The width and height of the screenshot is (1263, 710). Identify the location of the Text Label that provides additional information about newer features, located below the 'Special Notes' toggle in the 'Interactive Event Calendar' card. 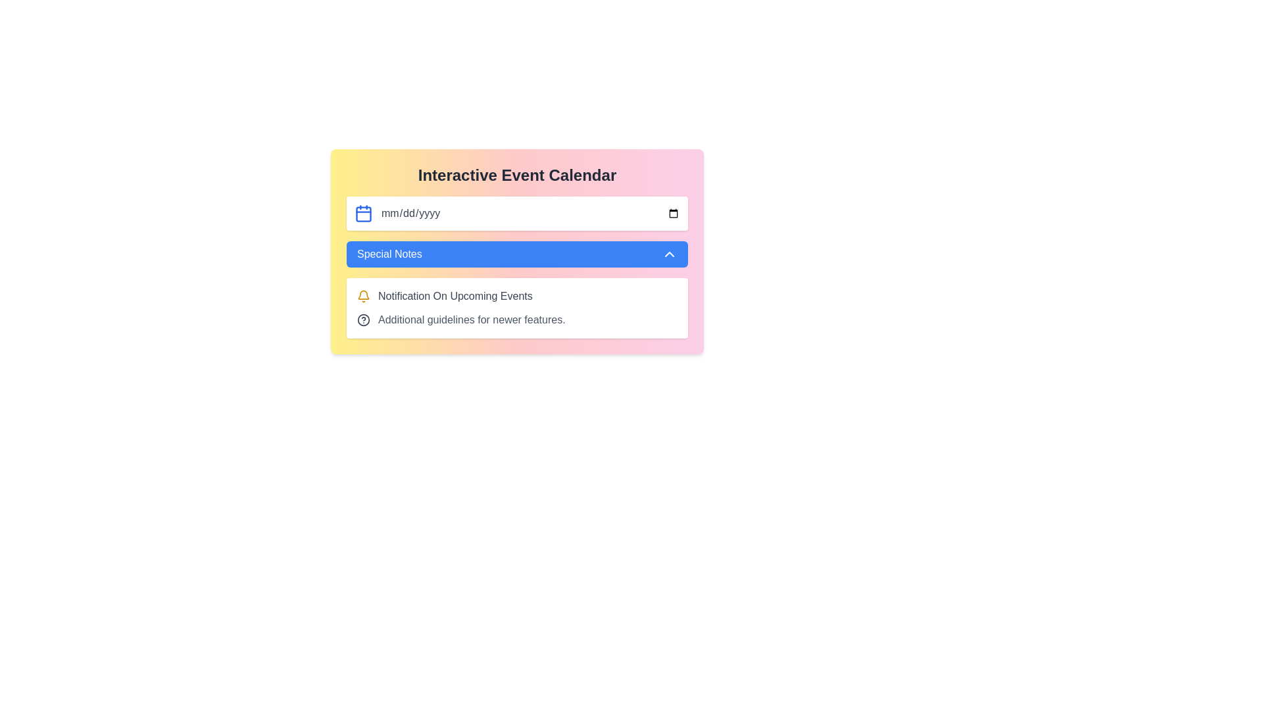
(472, 319).